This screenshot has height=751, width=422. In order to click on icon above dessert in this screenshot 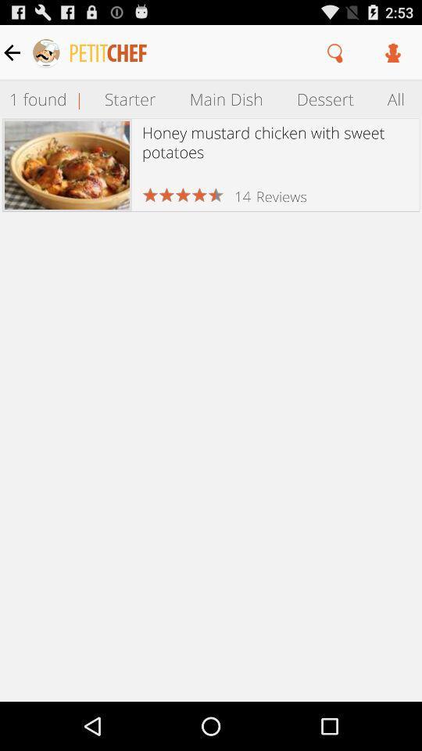, I will do `click(334, 52)`.